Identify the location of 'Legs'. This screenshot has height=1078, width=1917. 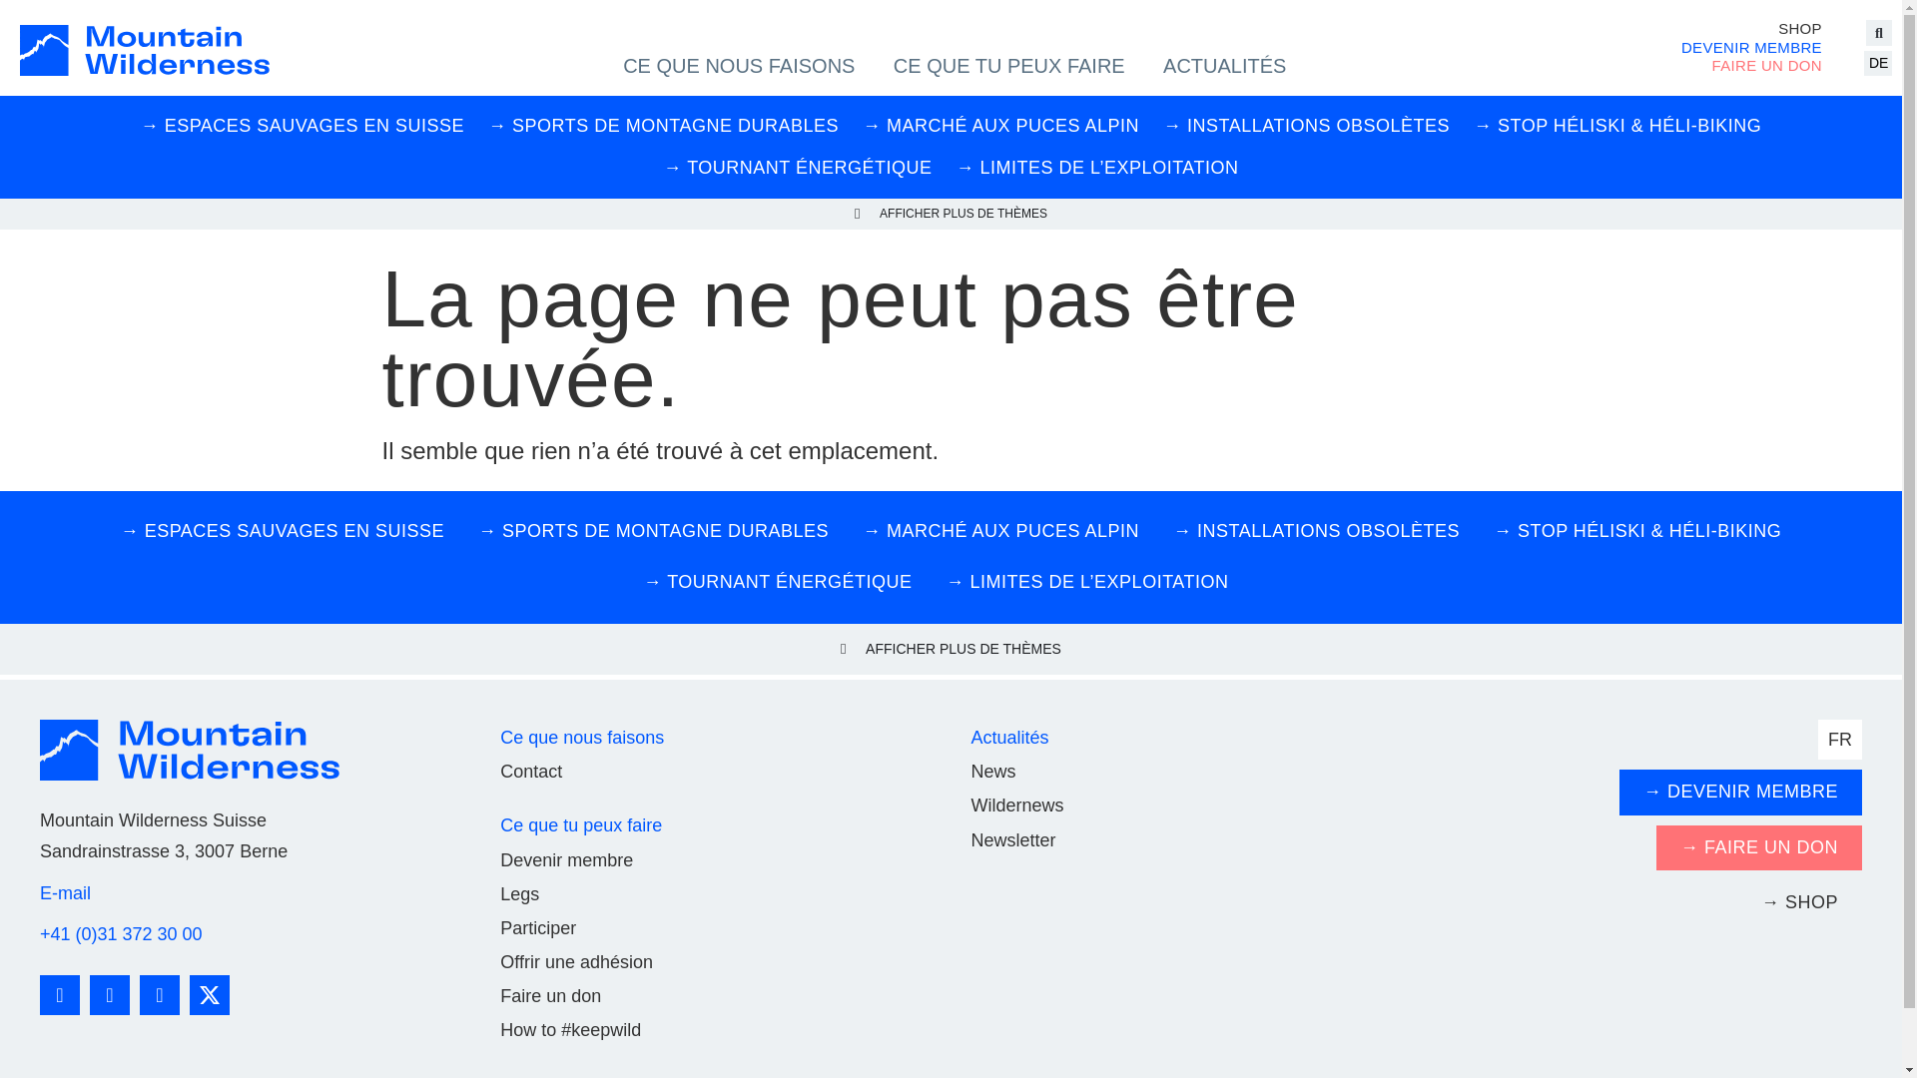
(519, 892).